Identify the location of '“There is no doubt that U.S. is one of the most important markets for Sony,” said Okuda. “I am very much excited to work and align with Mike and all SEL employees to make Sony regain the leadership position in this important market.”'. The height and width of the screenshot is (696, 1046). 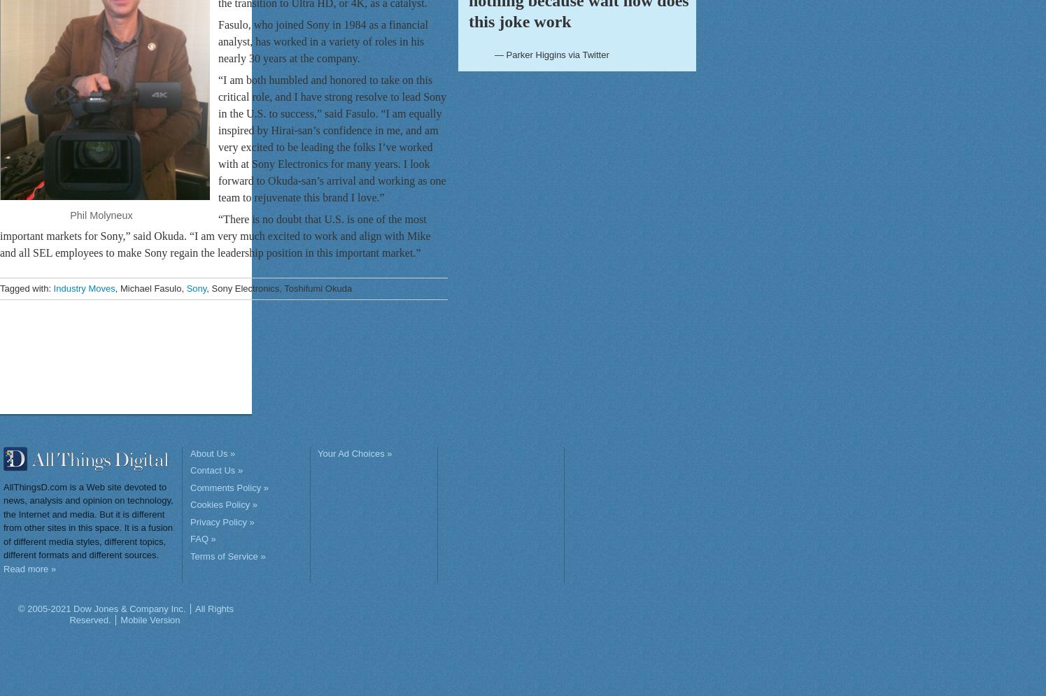
(214, 236).